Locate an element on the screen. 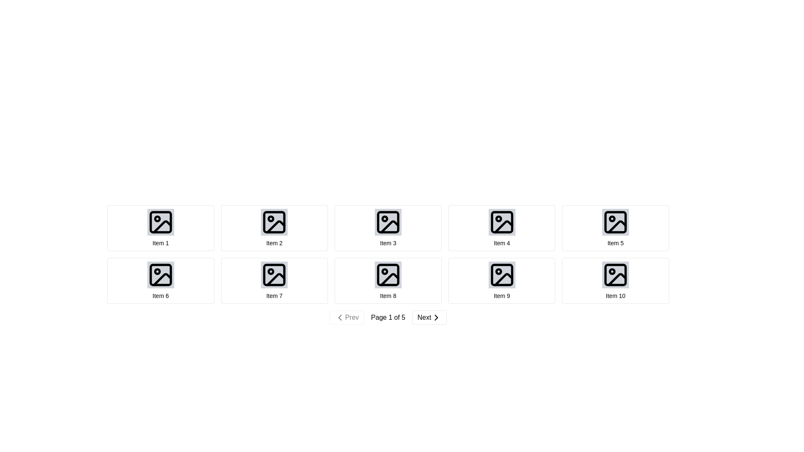 This screenshot has width=804, height=452. the decorative graphic circle that is part of the first item in a grid layout of image-style icons, positioned near the center of the frame, slightly upward and to the left is located at coordinates (157, 218).